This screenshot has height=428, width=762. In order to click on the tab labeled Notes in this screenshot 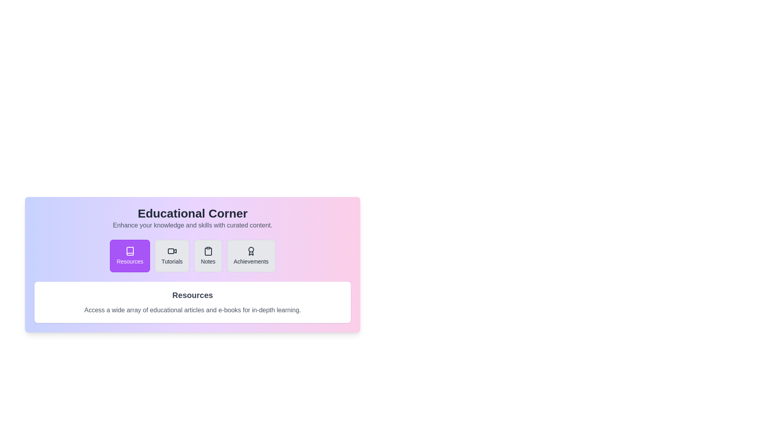, I will do `click(208, 256)`.